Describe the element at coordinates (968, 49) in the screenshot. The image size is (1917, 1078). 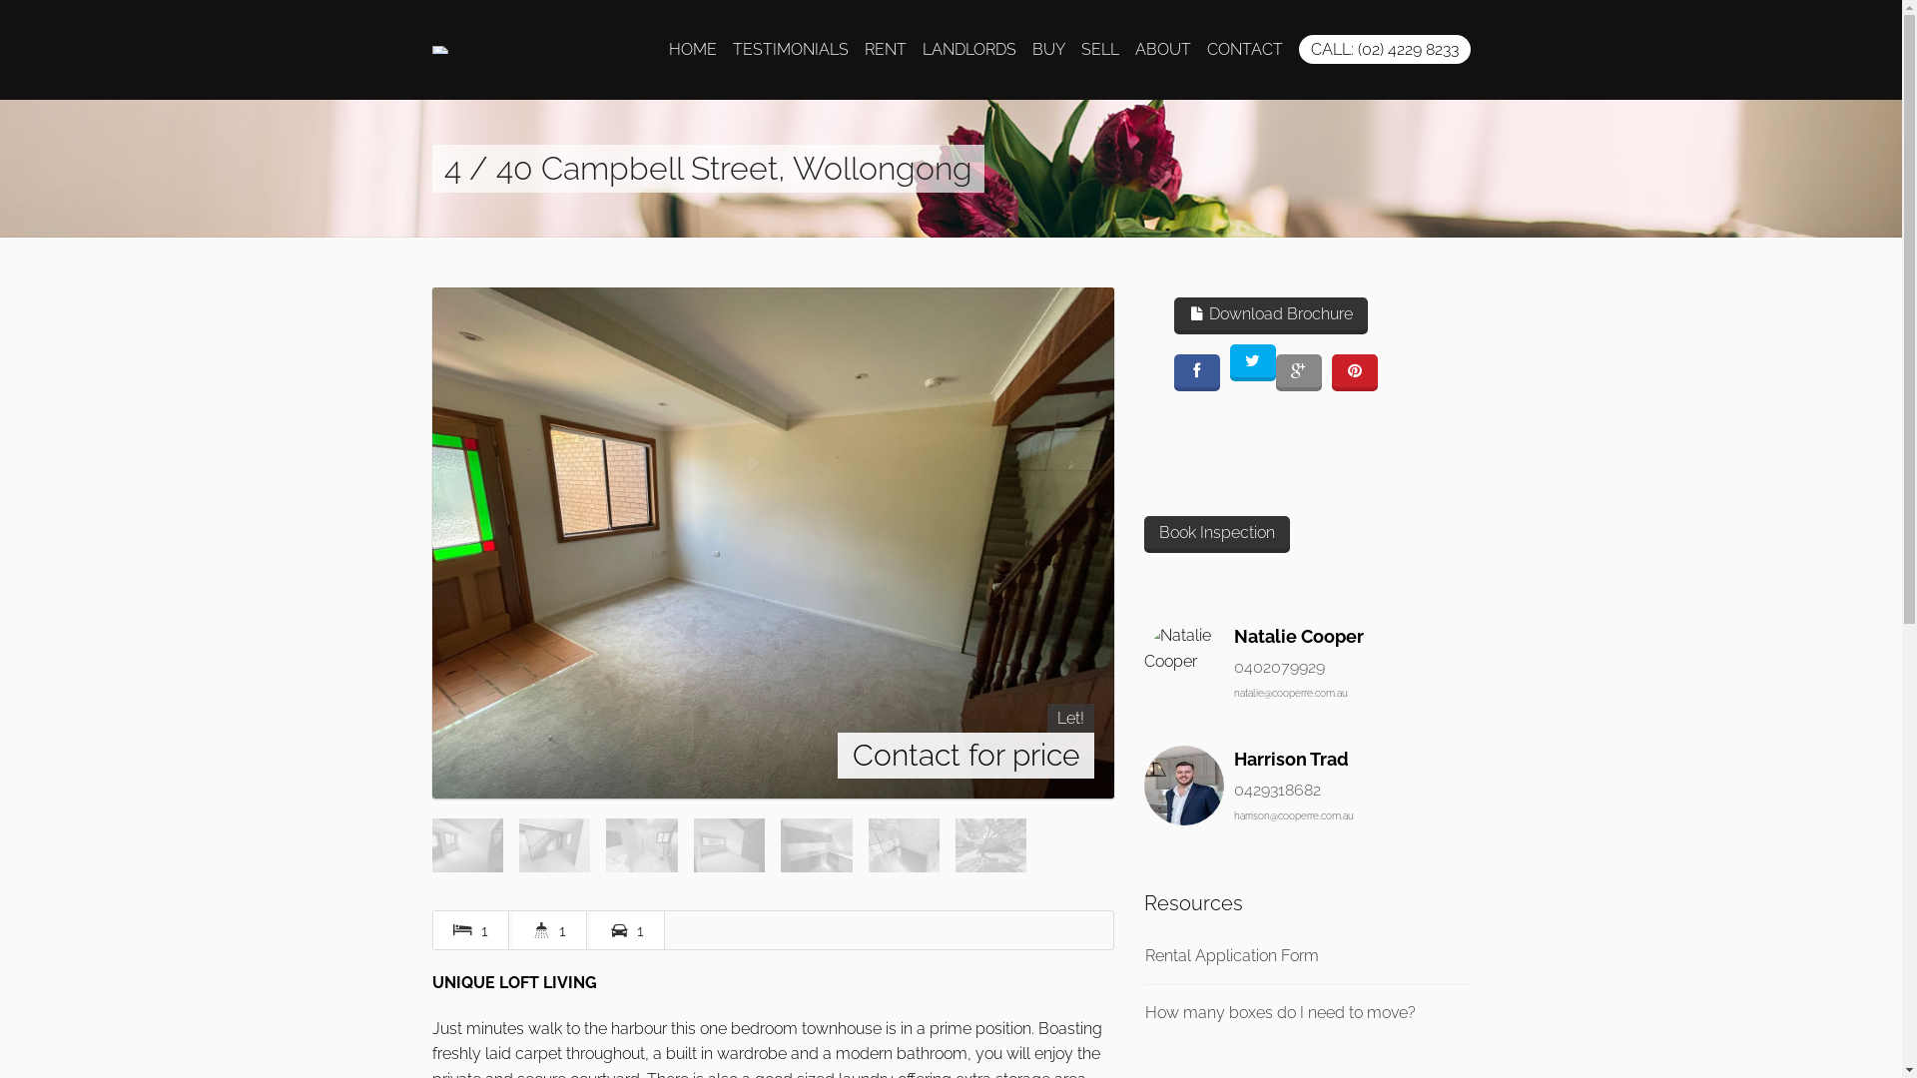
I see `'LANDLORDS'` at that location.